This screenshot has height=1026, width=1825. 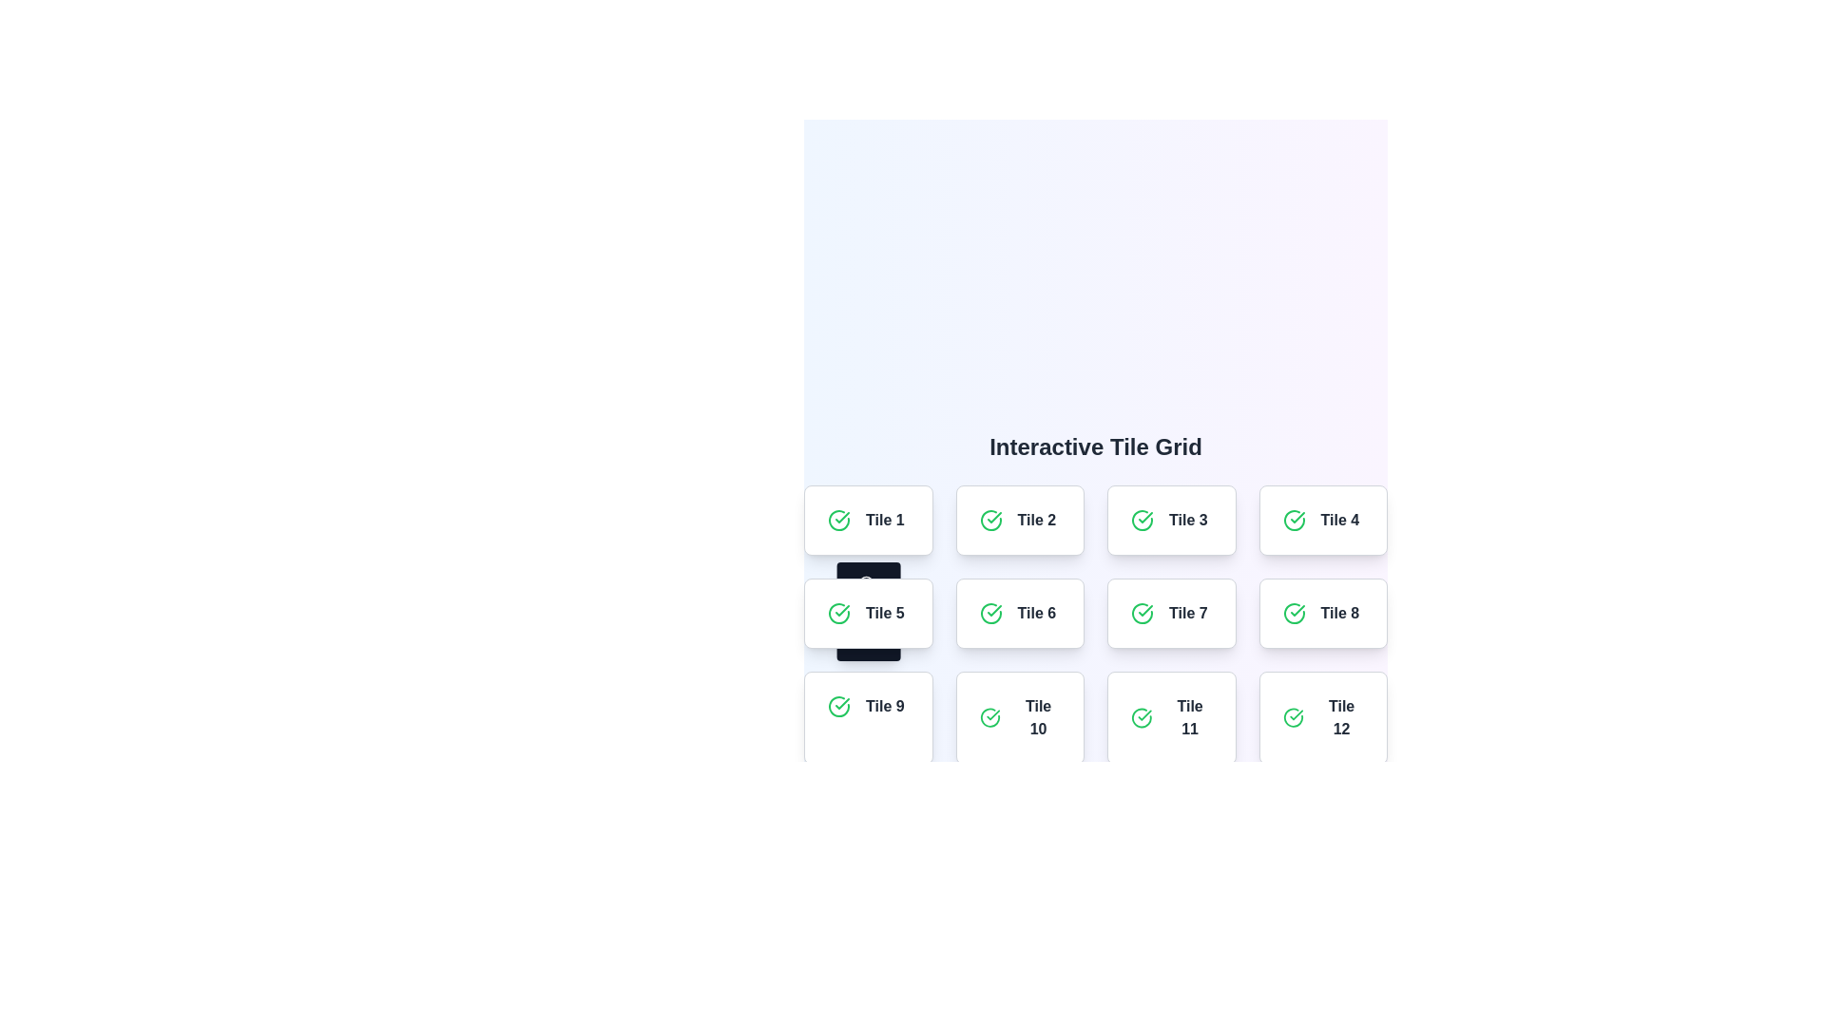 I want to click on the text label 'Tile 8' which identifies a content block in the grid layout, located in the second column of the second row, so click(x=1338, y=613).